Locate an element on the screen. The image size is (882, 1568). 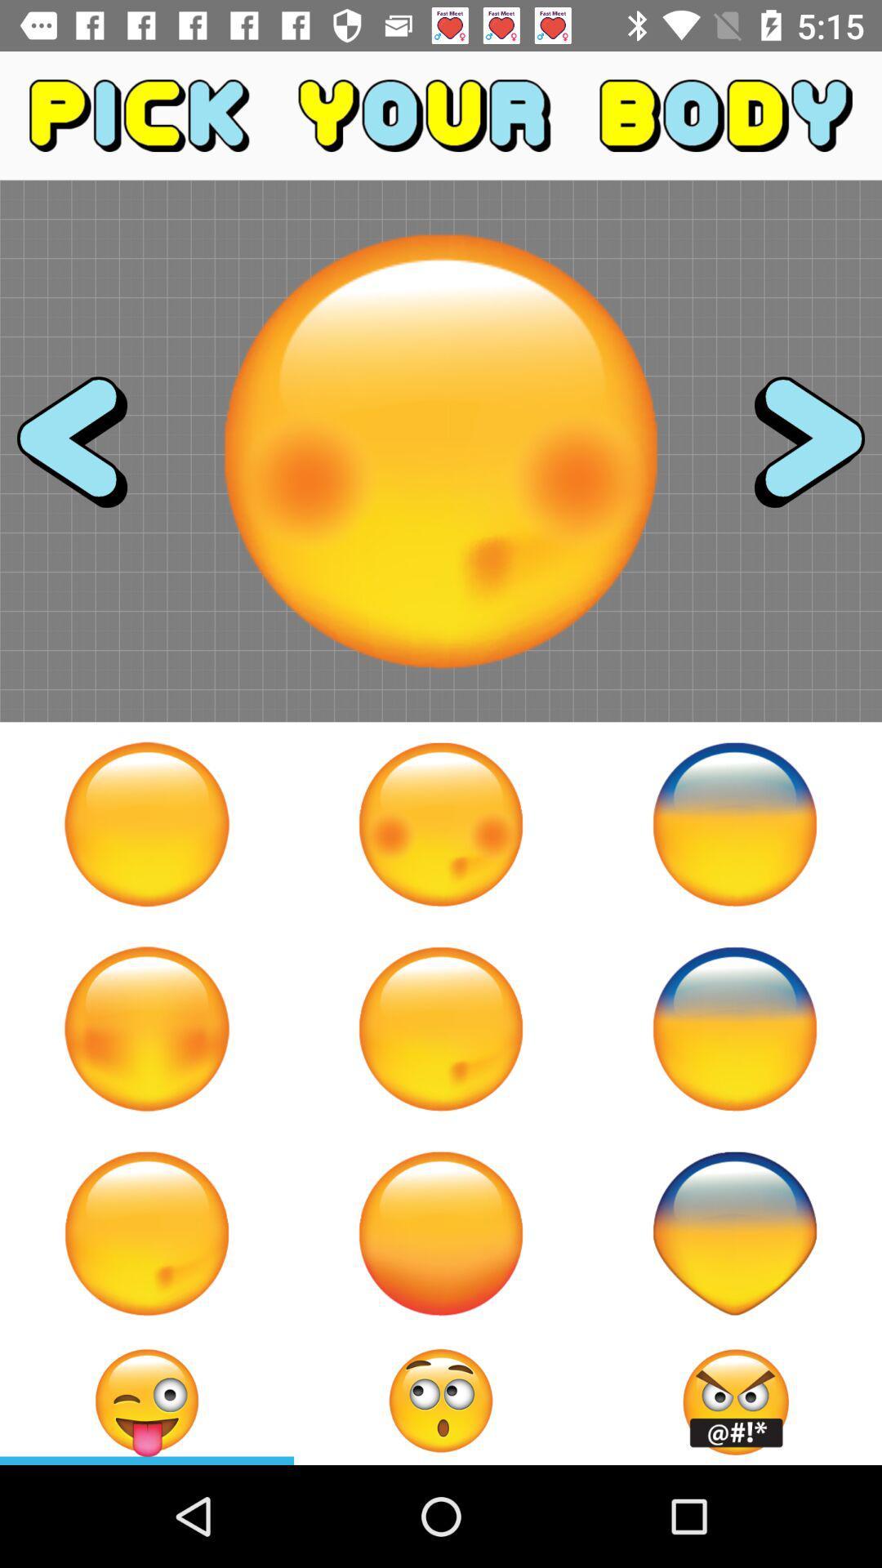
go back is located at coordinates (87, 451).